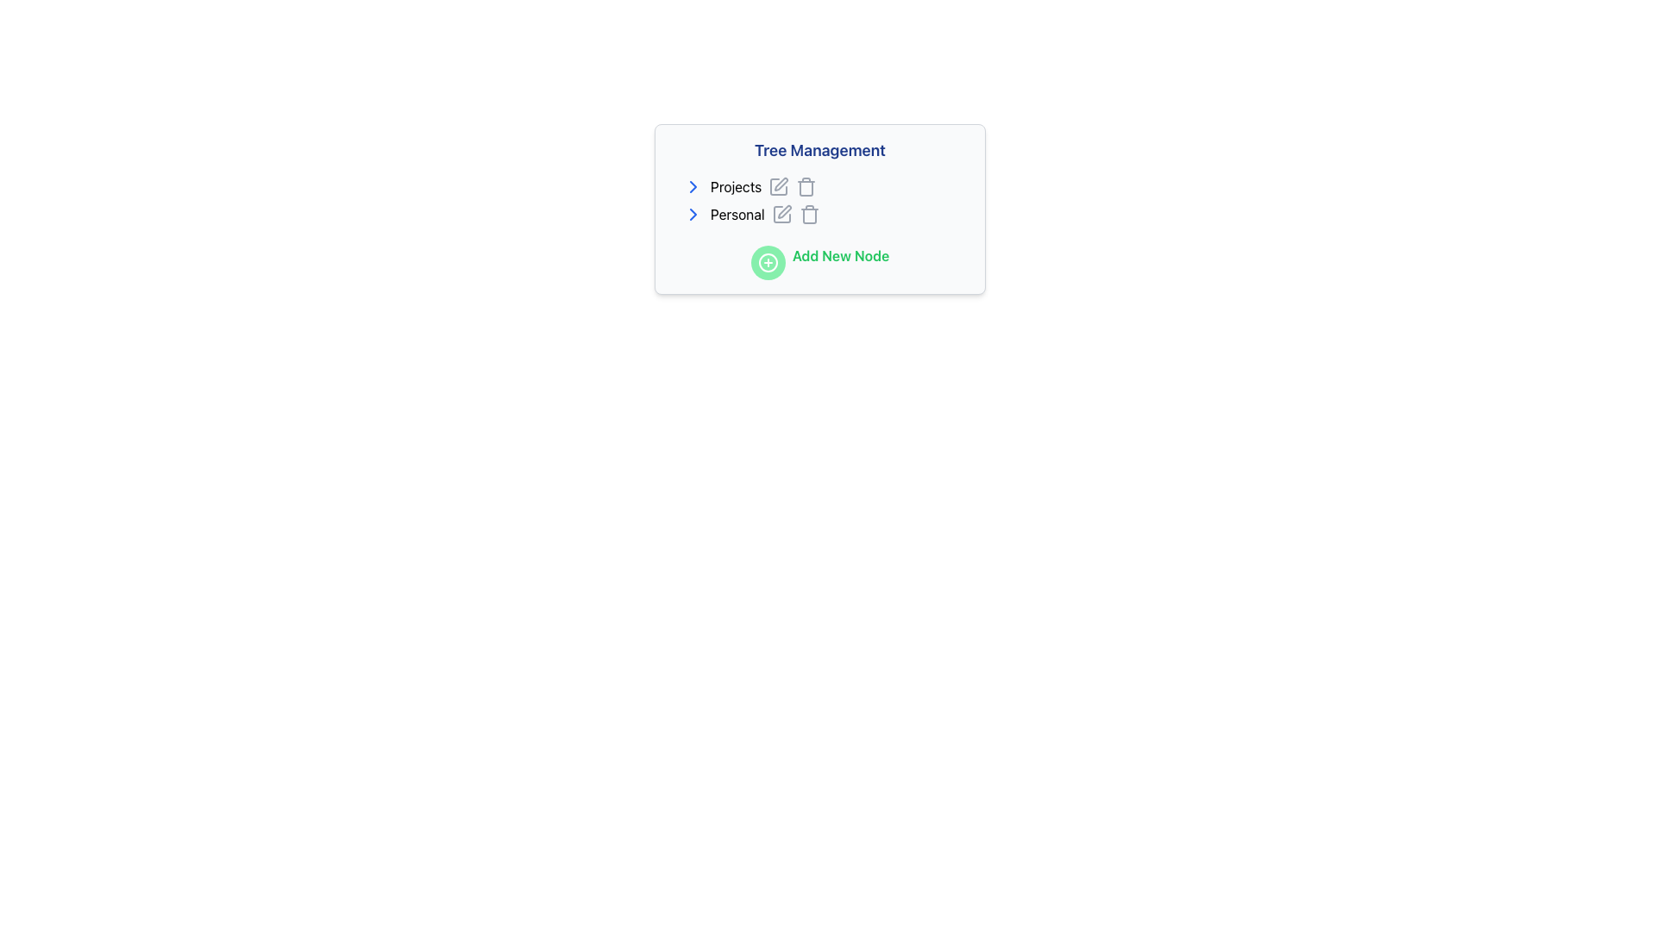 Image resolution: width=1656 pixels, height=931 pixels. I want to click on the icon button that resembles a square with a pencil inside it, located in the 'Tree Management' section, first in the horizontal group of icons aligned to the right of the 'Projects' row, so click(778, 186).